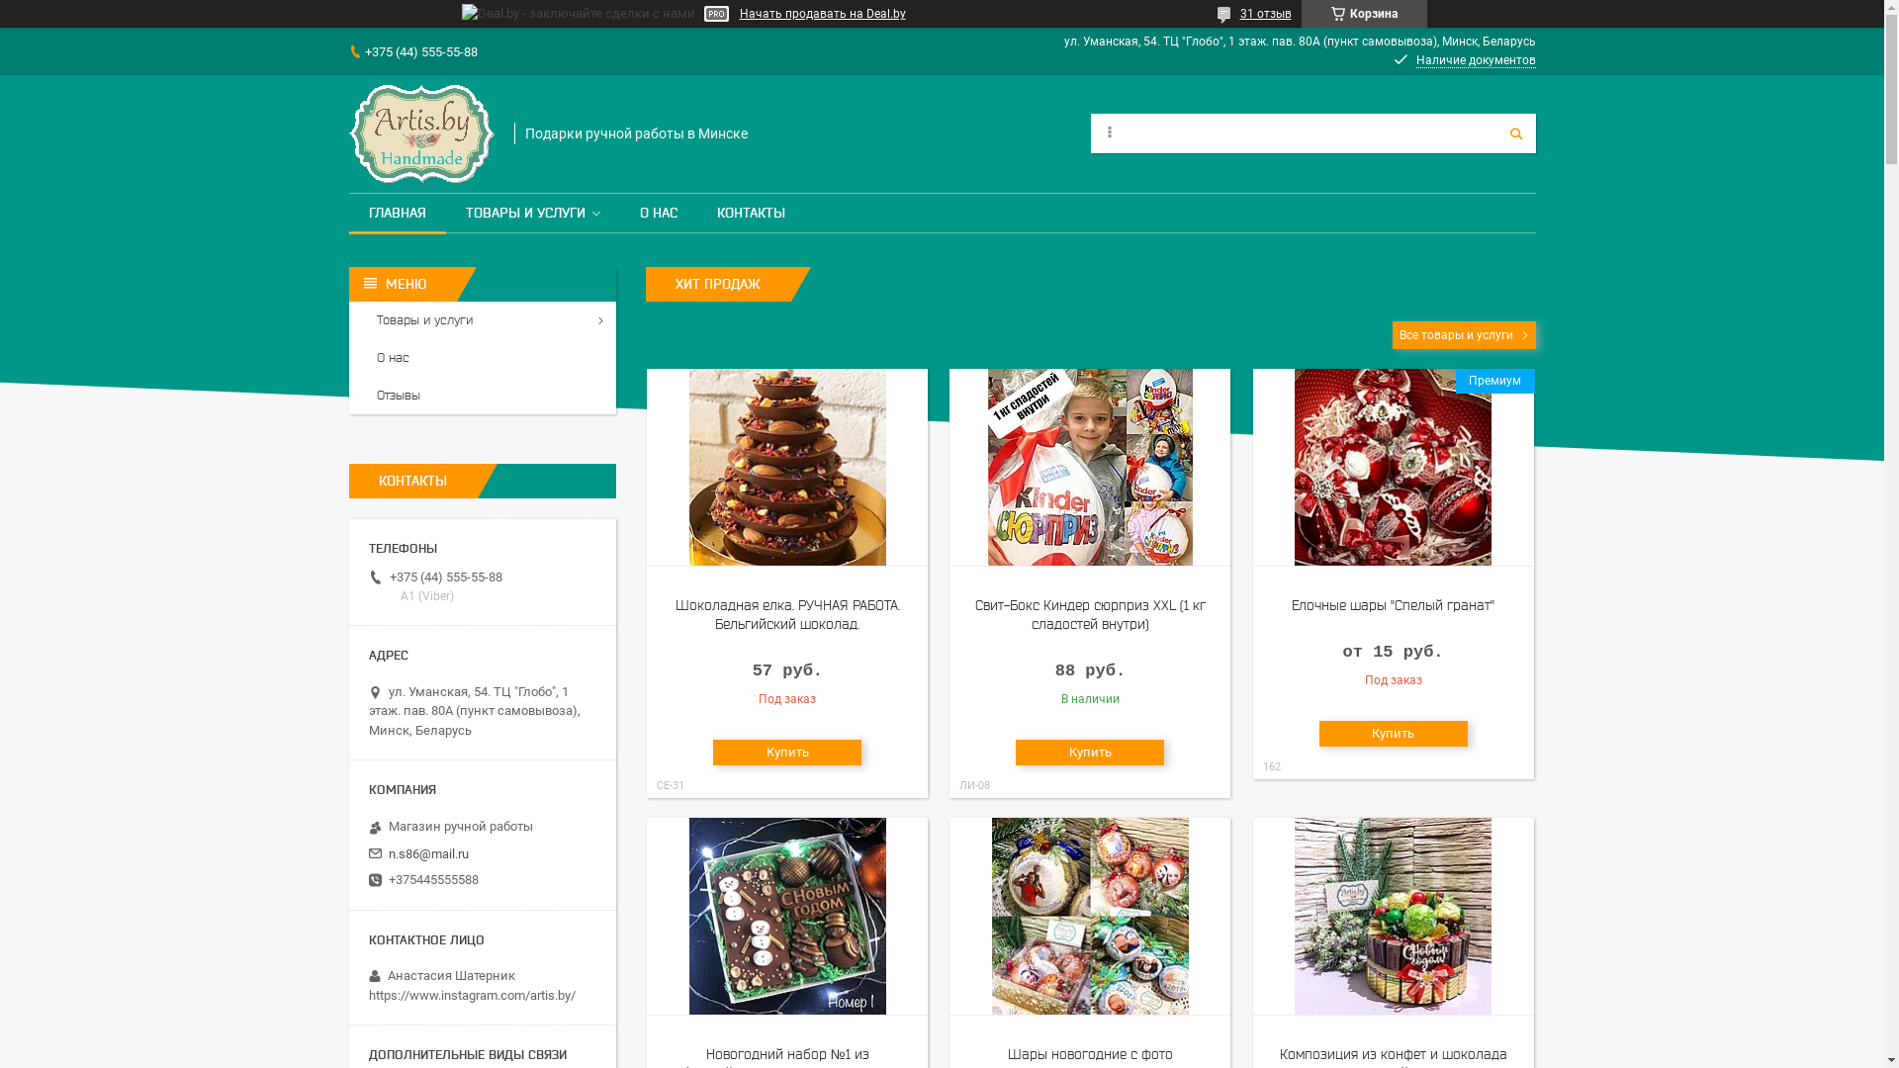  I want to click on 'n.s86@mail.ru', so click(426, 853).